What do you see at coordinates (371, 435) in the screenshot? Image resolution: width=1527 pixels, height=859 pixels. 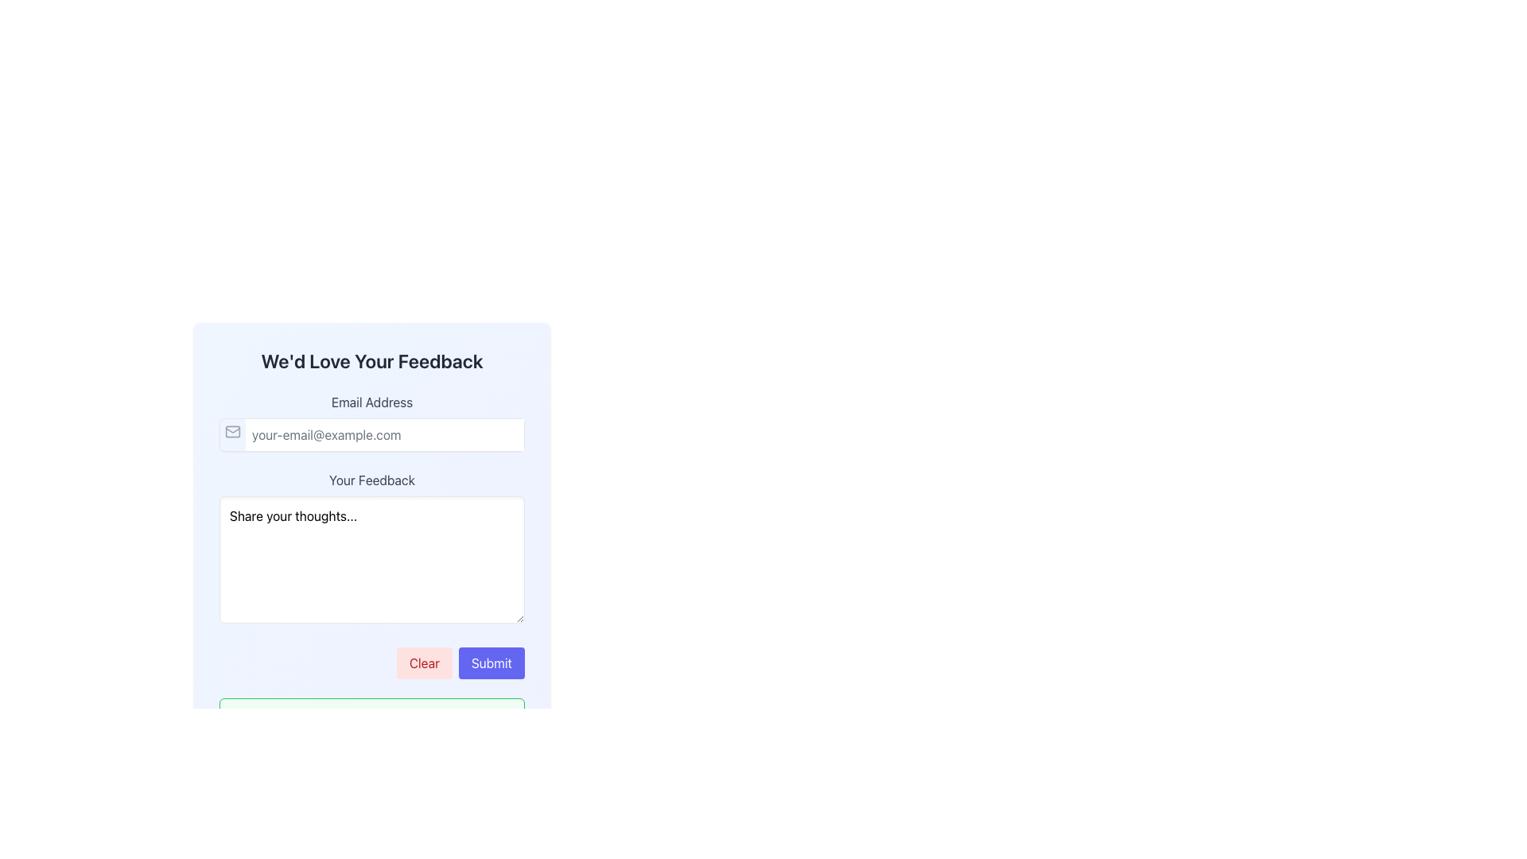 I see `the Email input field located beneath the 'Email Address' label` at bounding box center [371, 435].